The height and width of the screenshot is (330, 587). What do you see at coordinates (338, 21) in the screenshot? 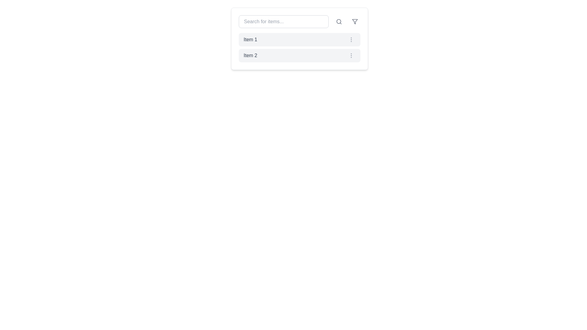
I see `the SVG circle element that represents the search icon, which is centered within the circular portion of the magnifying glass at the top of the interface` at bounding box center [338, 21].